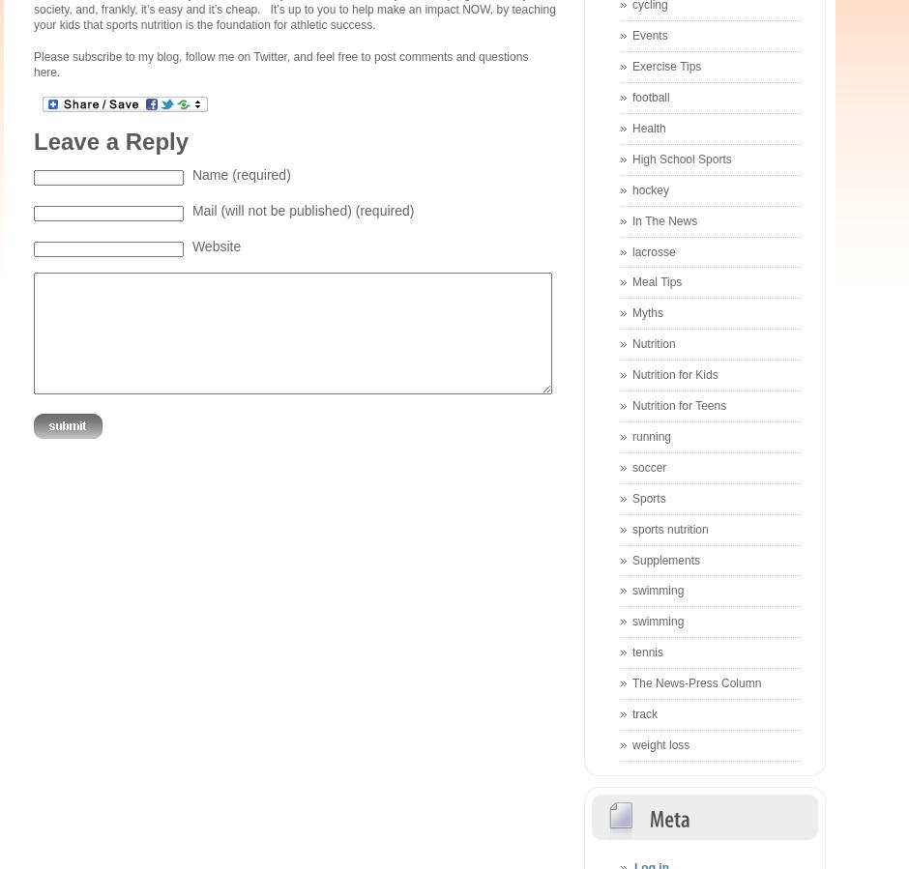  Describe the element at coordinates (647, 651) in the screenshot. I see `'tennis'` at that location.